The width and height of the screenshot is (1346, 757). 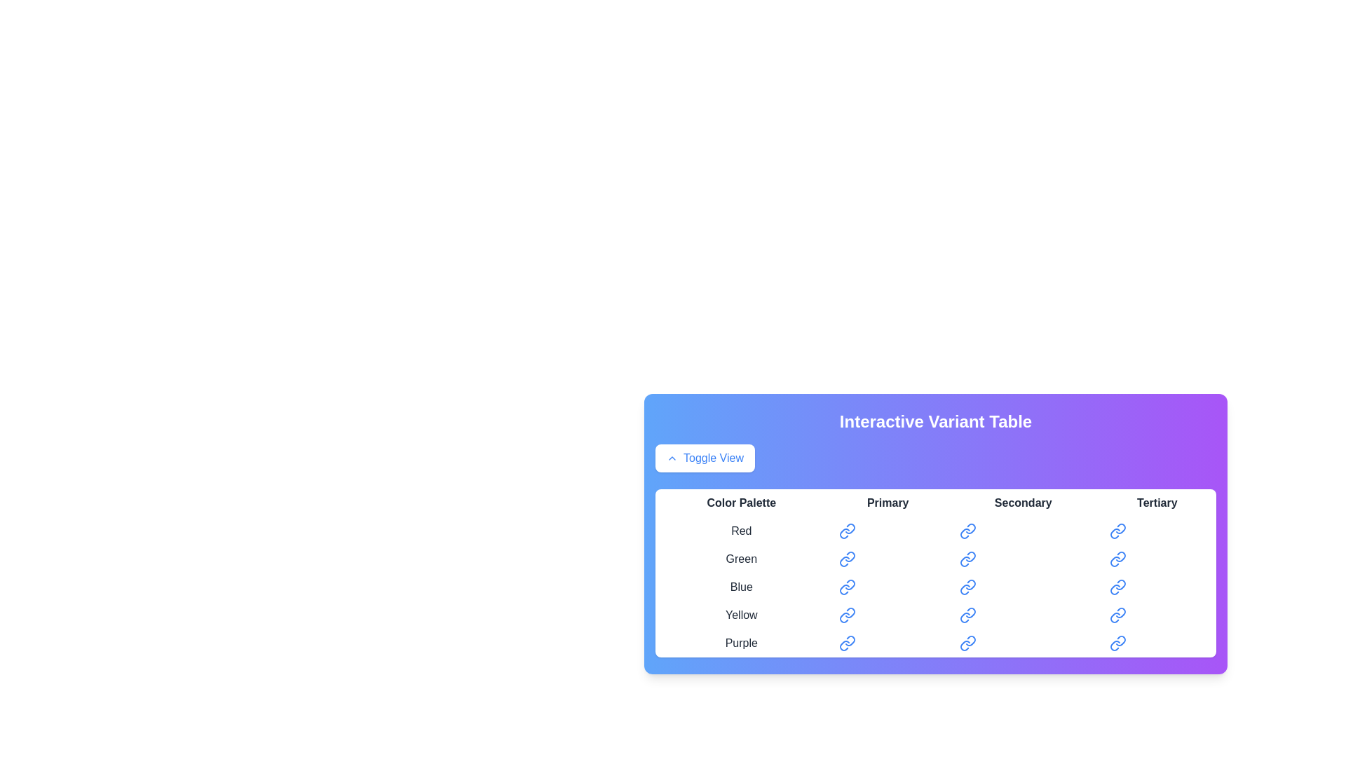 I want to click on the hyperlink icon styled in blue located in the 'Secondary' column adjacent to the 'Blue' row in the 'Interactive Variant Table', so click(x=970, y=585).